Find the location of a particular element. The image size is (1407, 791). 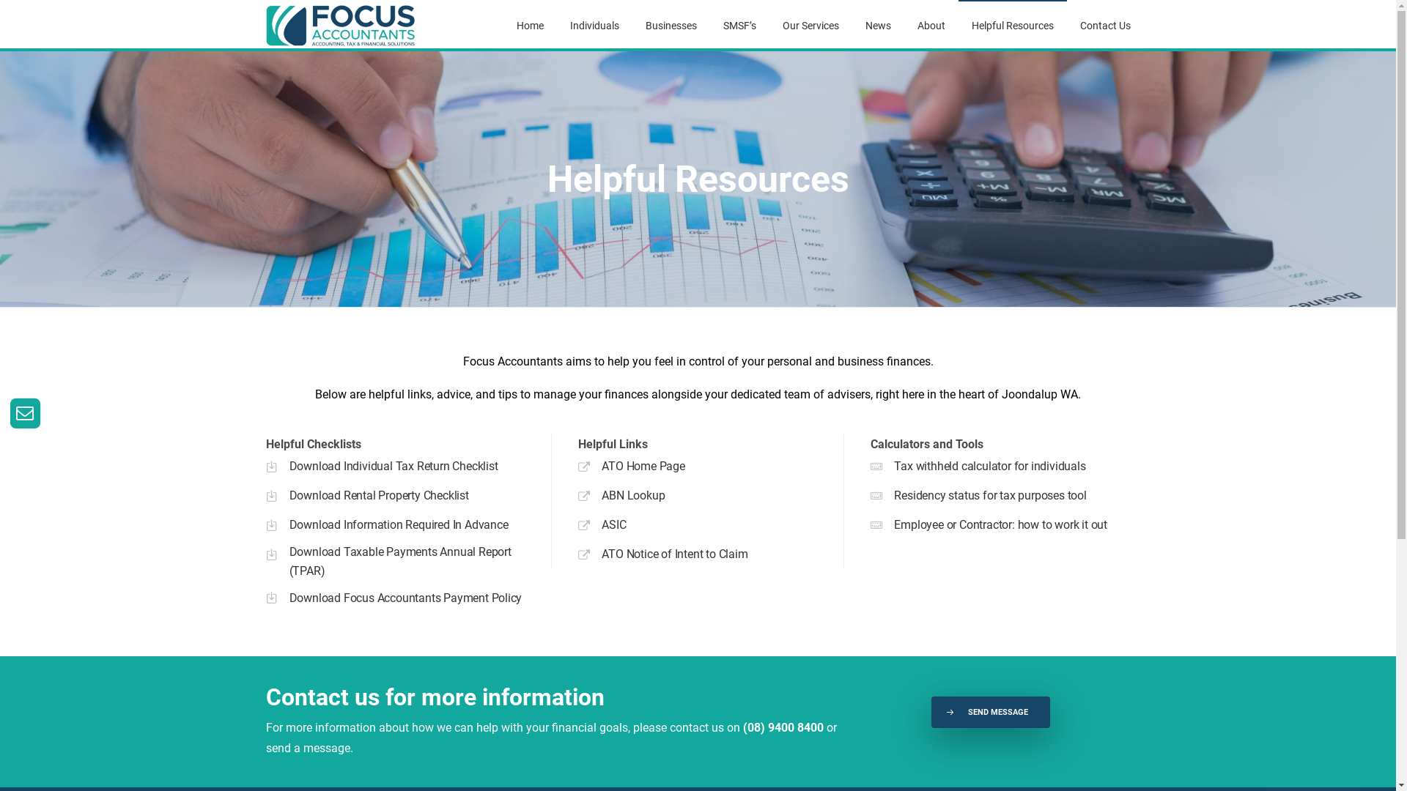

'Site logo' is located at coordinates (340, 25).